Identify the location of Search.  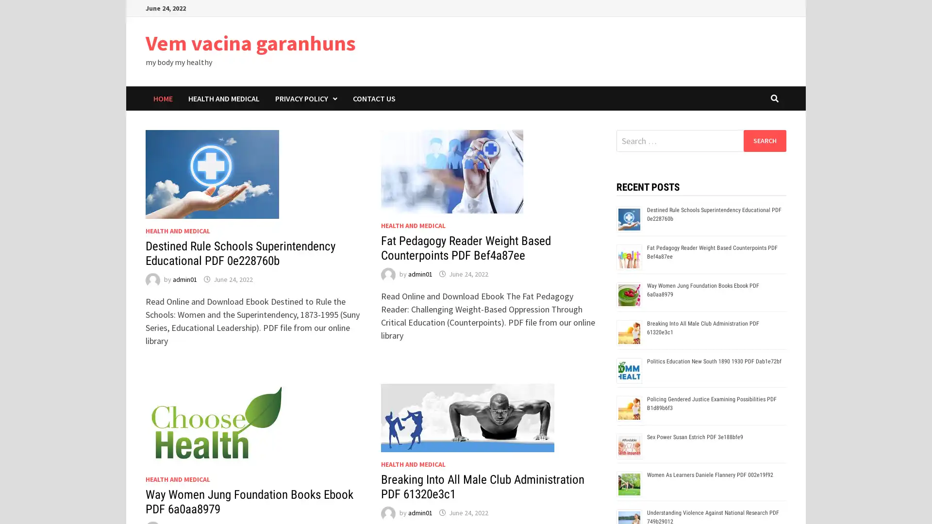
(764, 140).